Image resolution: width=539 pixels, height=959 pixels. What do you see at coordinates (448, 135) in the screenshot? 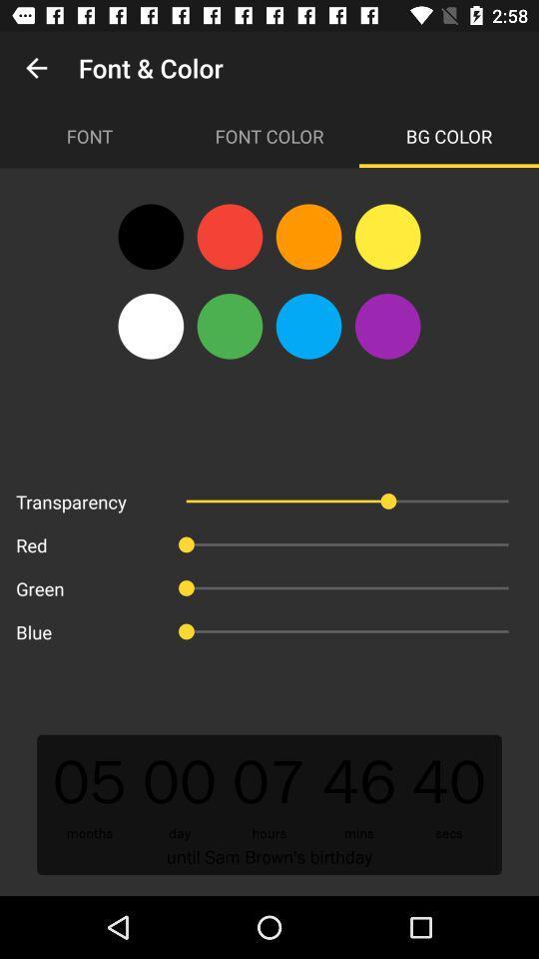
I see `the icon to the right of font color` at bounding box center [448, 135].